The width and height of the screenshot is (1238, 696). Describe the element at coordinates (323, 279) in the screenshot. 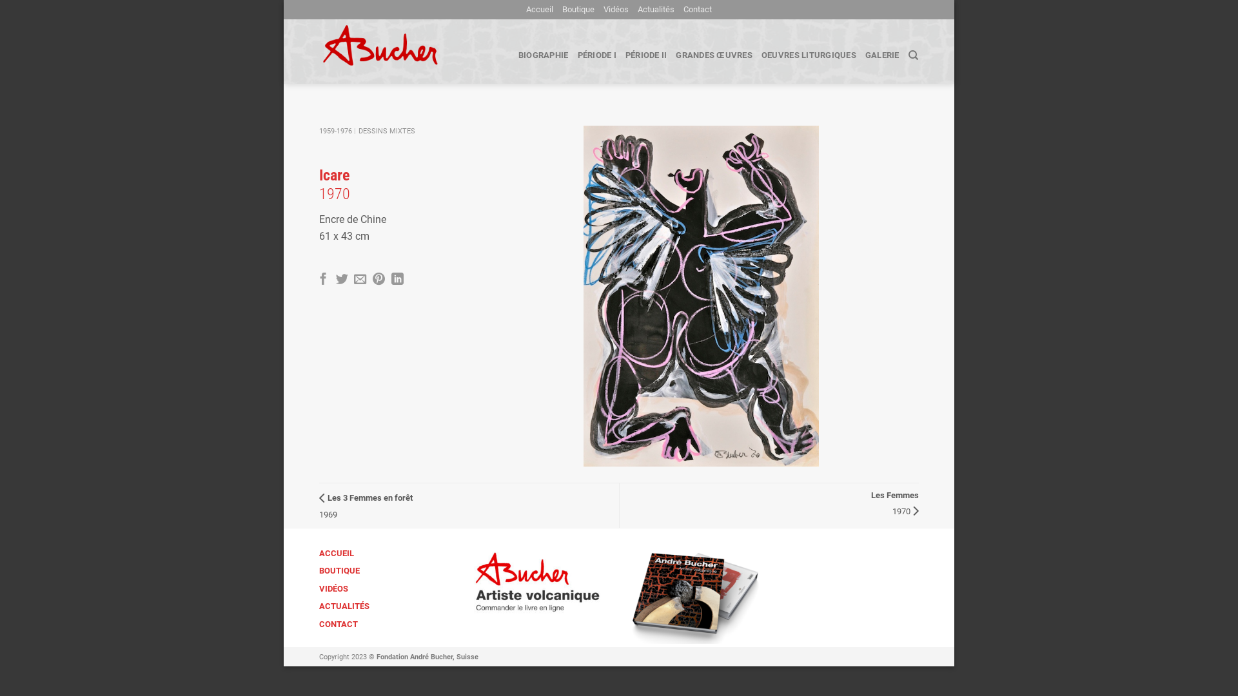

I see `'Partager sur Facebook'` at that location.